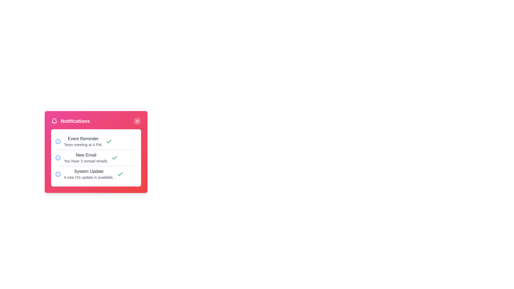 The image size is (514, 289). I want to click on notification text of the first notification item titled 'Event Reminder', which is styled with a blue info icon on the left and a green checkmark icon on the right, located directly beneath the 'Notifications' title, so click(96, 141).